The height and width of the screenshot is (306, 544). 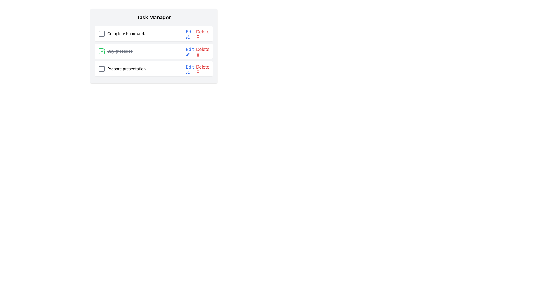 What do you see at coordinates (203, 34) in the screenshot?
I see `the red 'Delete' text link with a trashcan icon located on the right-hand side of the second task row` at bounding box center [203, 34].